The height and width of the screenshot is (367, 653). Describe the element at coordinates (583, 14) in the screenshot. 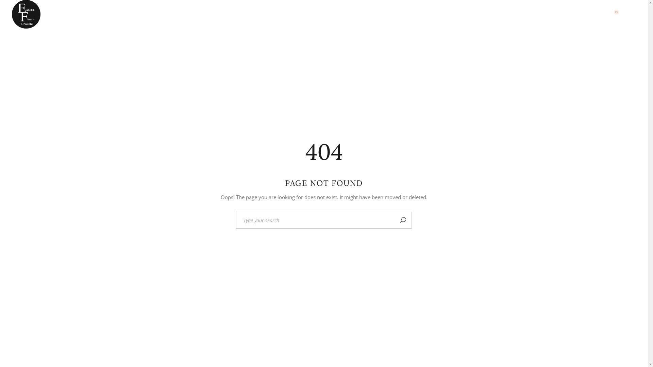

I see `'SAY HELLO'` at that location.